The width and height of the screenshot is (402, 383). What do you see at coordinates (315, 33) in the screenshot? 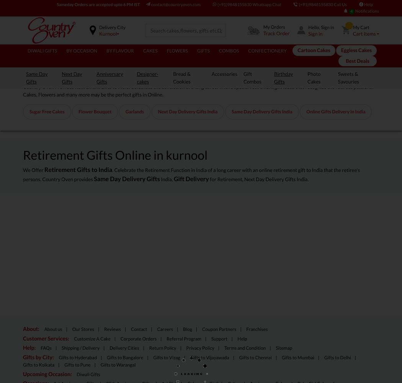
I see `'Sign in'` at bounding box center [315, 33].